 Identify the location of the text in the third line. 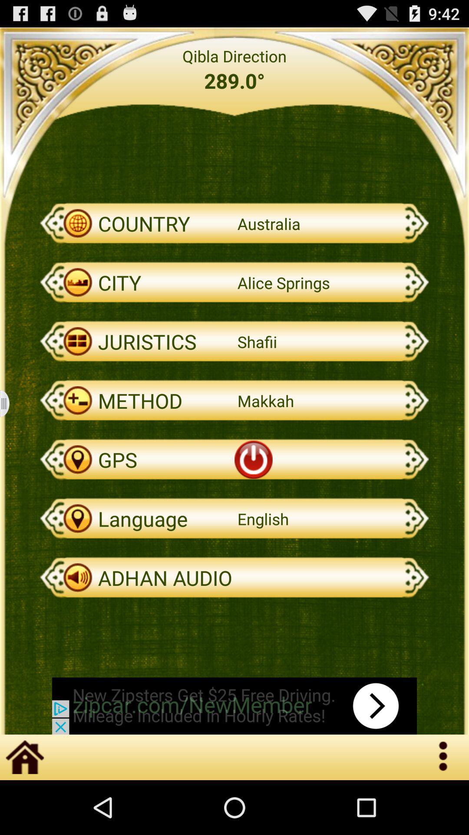
(234, 224).